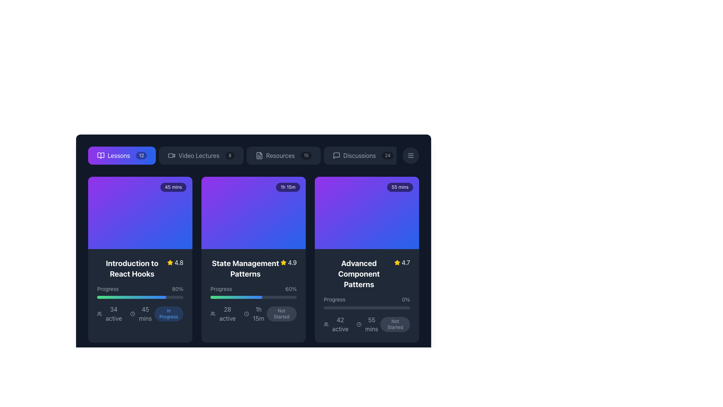 Image resolution: width=723 pixels, height=407 pixels. Describe the element at coordinates (145, 297) in the screenshot. I see `progress` at that location.